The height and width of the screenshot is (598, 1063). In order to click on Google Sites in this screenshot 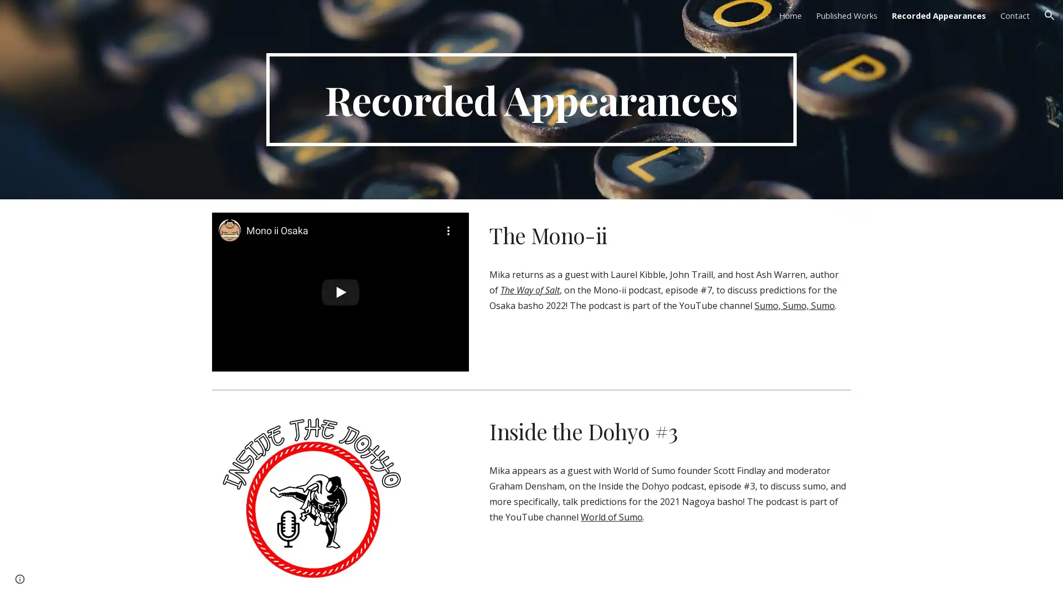, I will do `click(53, 578)`.